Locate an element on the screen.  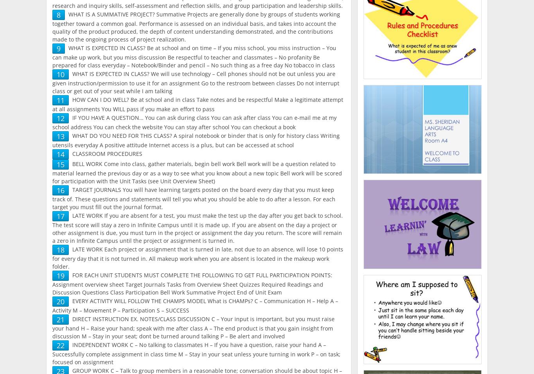
'Rules and Procedures Checklist' is located at coordinates (422, 35).